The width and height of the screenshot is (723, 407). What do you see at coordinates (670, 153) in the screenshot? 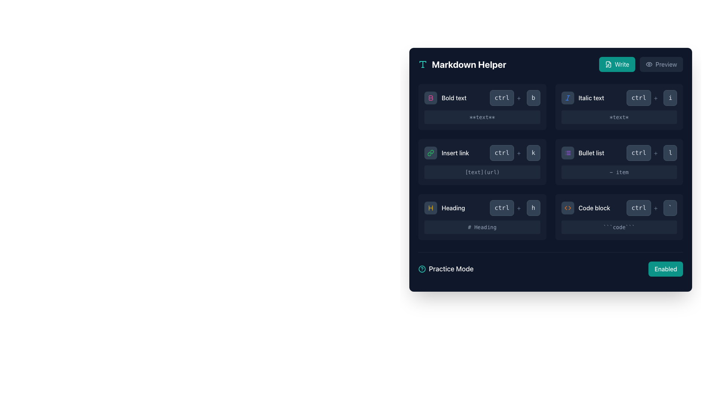
I see `the 'l' key button in the Bullet list command row located at the bottom-right corner of the Markdown Helper panel` at bounding box center [670, 153].